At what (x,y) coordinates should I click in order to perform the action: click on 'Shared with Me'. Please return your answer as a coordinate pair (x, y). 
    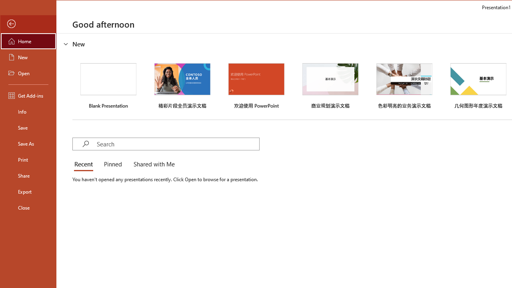
    Looking at the image, I should click on (152, 164).